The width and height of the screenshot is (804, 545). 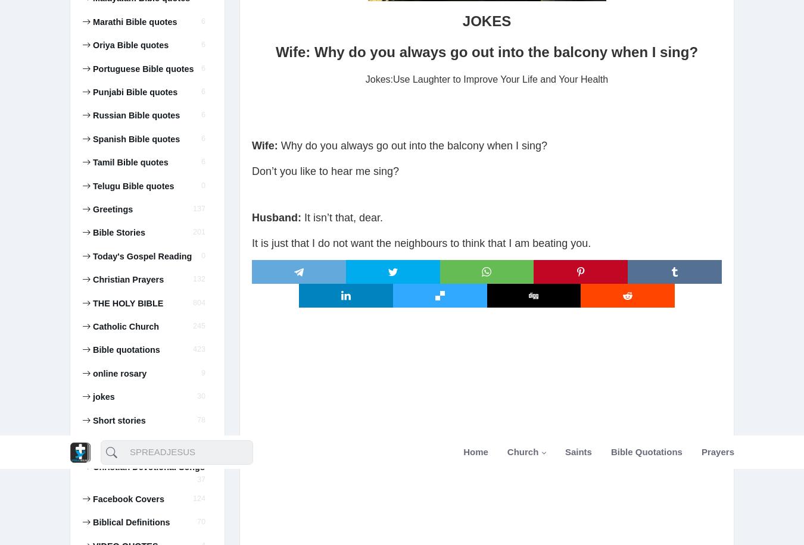 I want to click on 'Hindi Bible Quotes John 4:24', so click(x=138, y=128).